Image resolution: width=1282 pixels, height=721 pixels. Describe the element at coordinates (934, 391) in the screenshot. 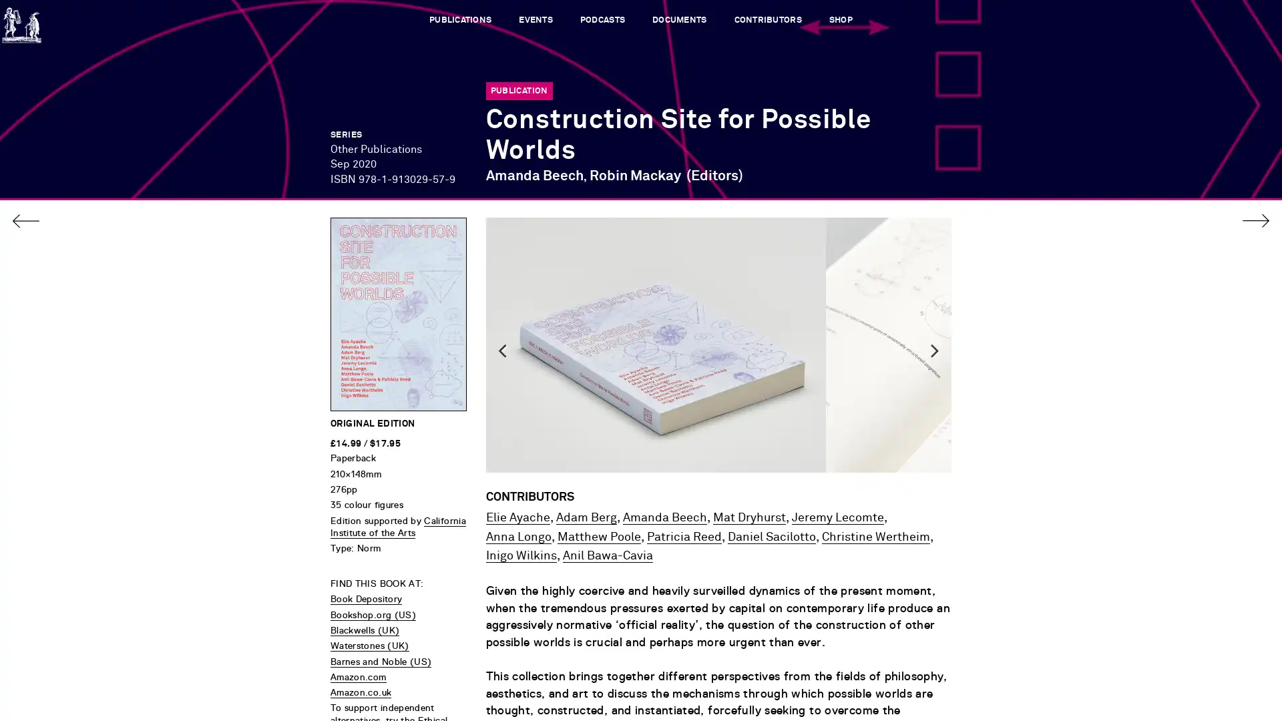

I see `Next` at that location.